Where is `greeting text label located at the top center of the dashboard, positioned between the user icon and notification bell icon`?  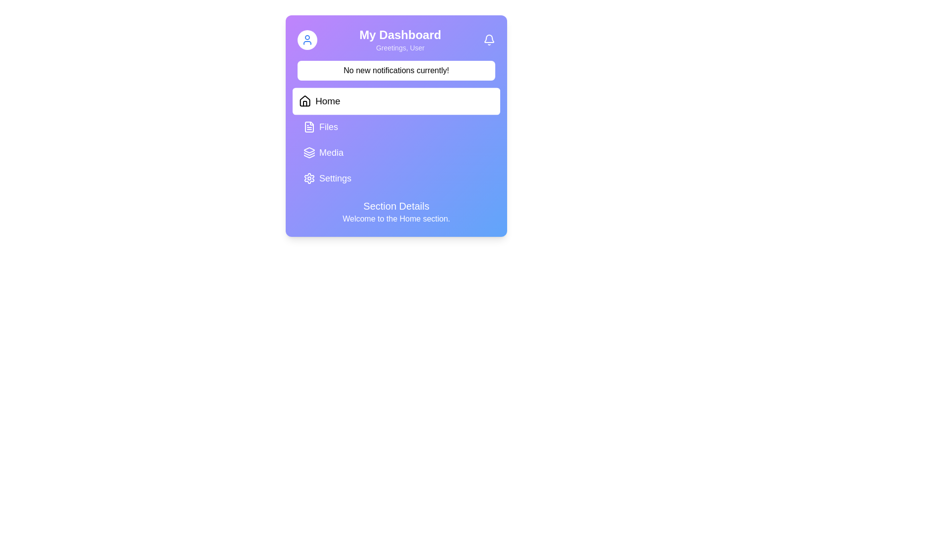 greeting text label located at the top center of the dashboard, positioned between the user icon and notification bell icon is located at coordinates (400, 40).